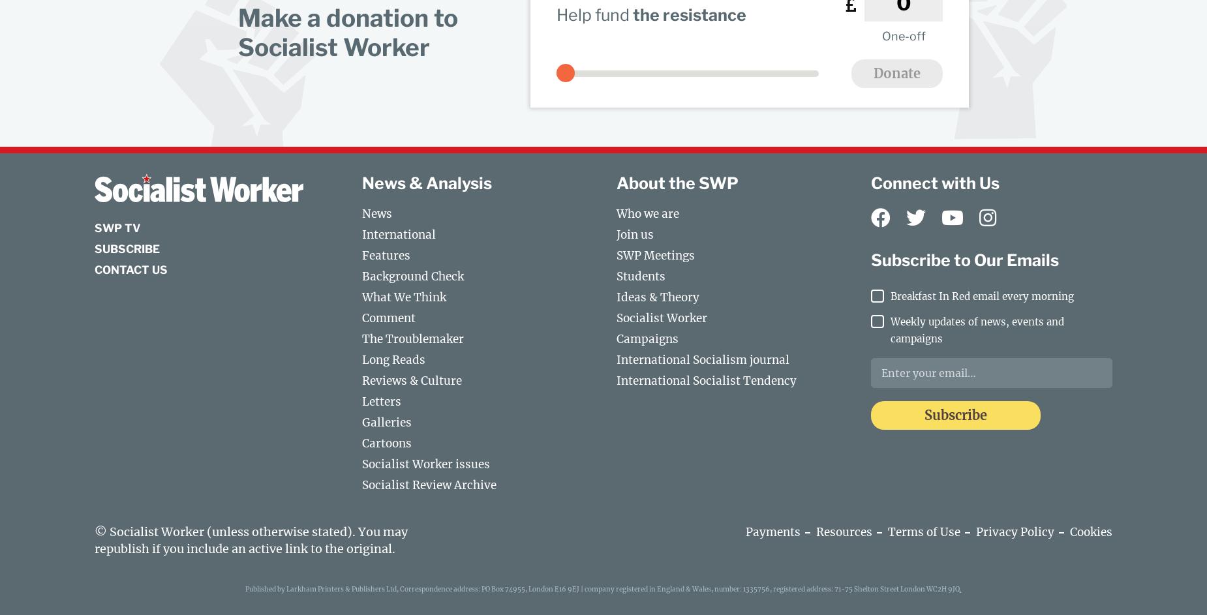 This screenshot has height=615, width=1207. I want to click on 'Published by Larkham Printers & Publishers Ltd, Correspondence address: PO Box 74955, London E16 9EJ | company registered in England & Wales, number: 1335756, registered address: 71-75 Shelton Street London WC2H 9JQ.', so click(603, 588).